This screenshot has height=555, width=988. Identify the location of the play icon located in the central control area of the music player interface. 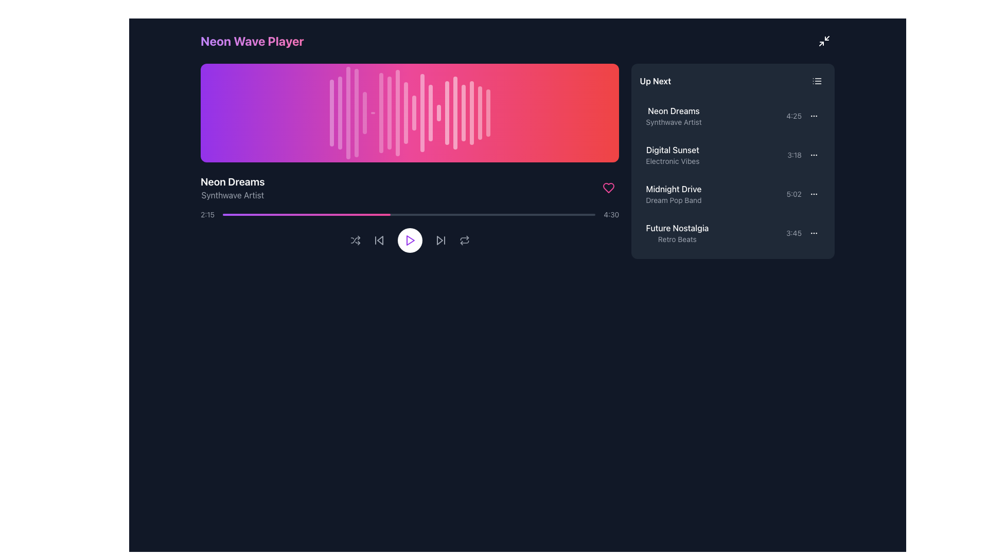
(410, 240).